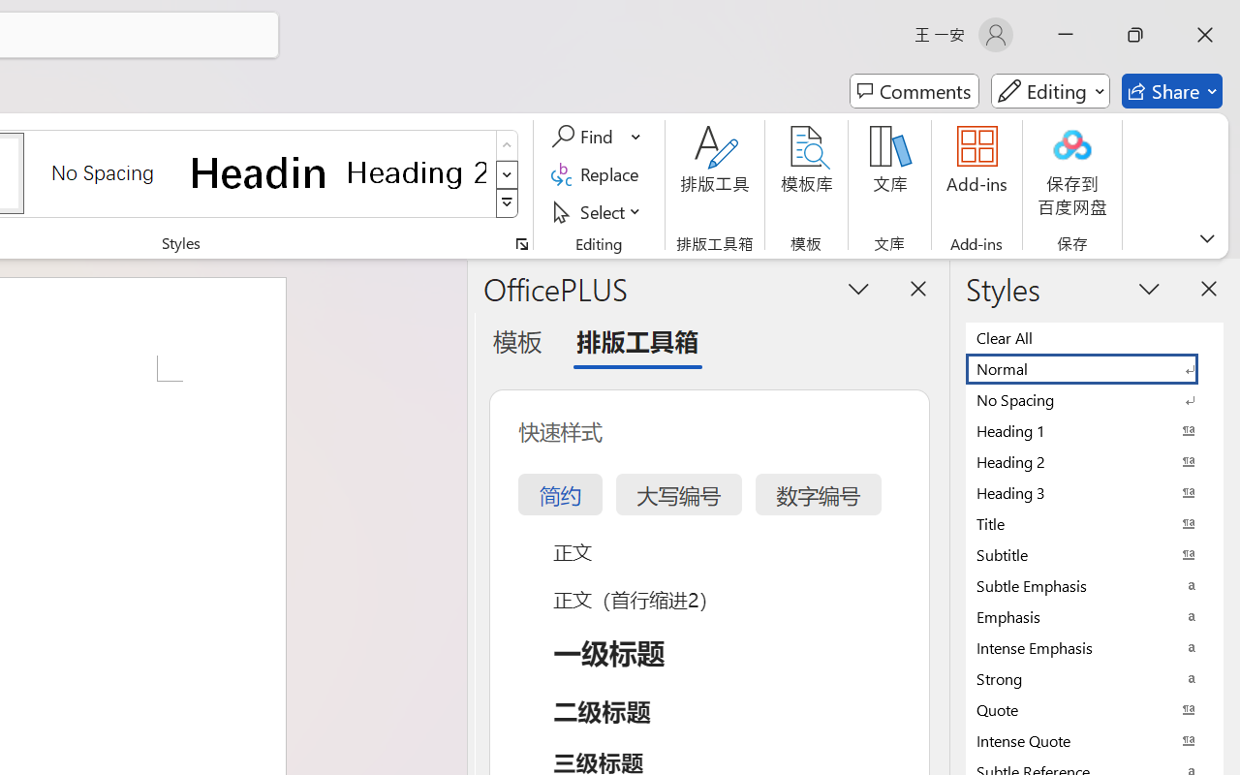 Image resolution: width=1240 pixels, height=775 pixels. I want to click on 'Normal', so click(1095, 367).